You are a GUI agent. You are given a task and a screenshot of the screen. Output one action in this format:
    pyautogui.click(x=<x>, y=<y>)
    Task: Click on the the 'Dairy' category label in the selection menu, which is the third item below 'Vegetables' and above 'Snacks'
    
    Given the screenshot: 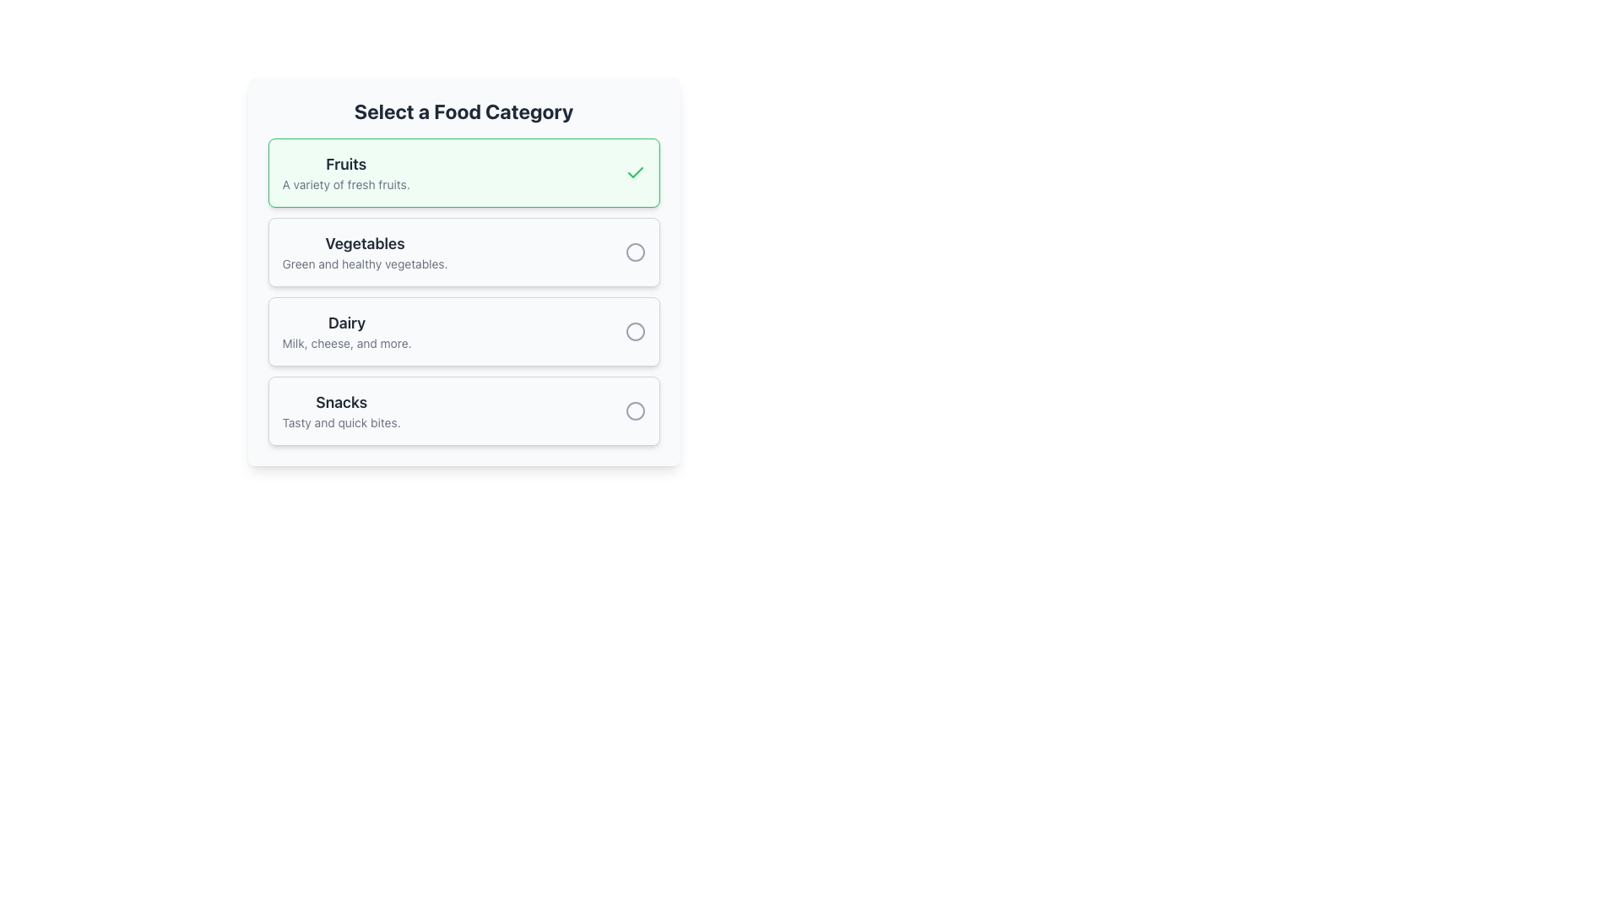 What is the action you would take?
    pyautogui.click(x=346, y=332)
    